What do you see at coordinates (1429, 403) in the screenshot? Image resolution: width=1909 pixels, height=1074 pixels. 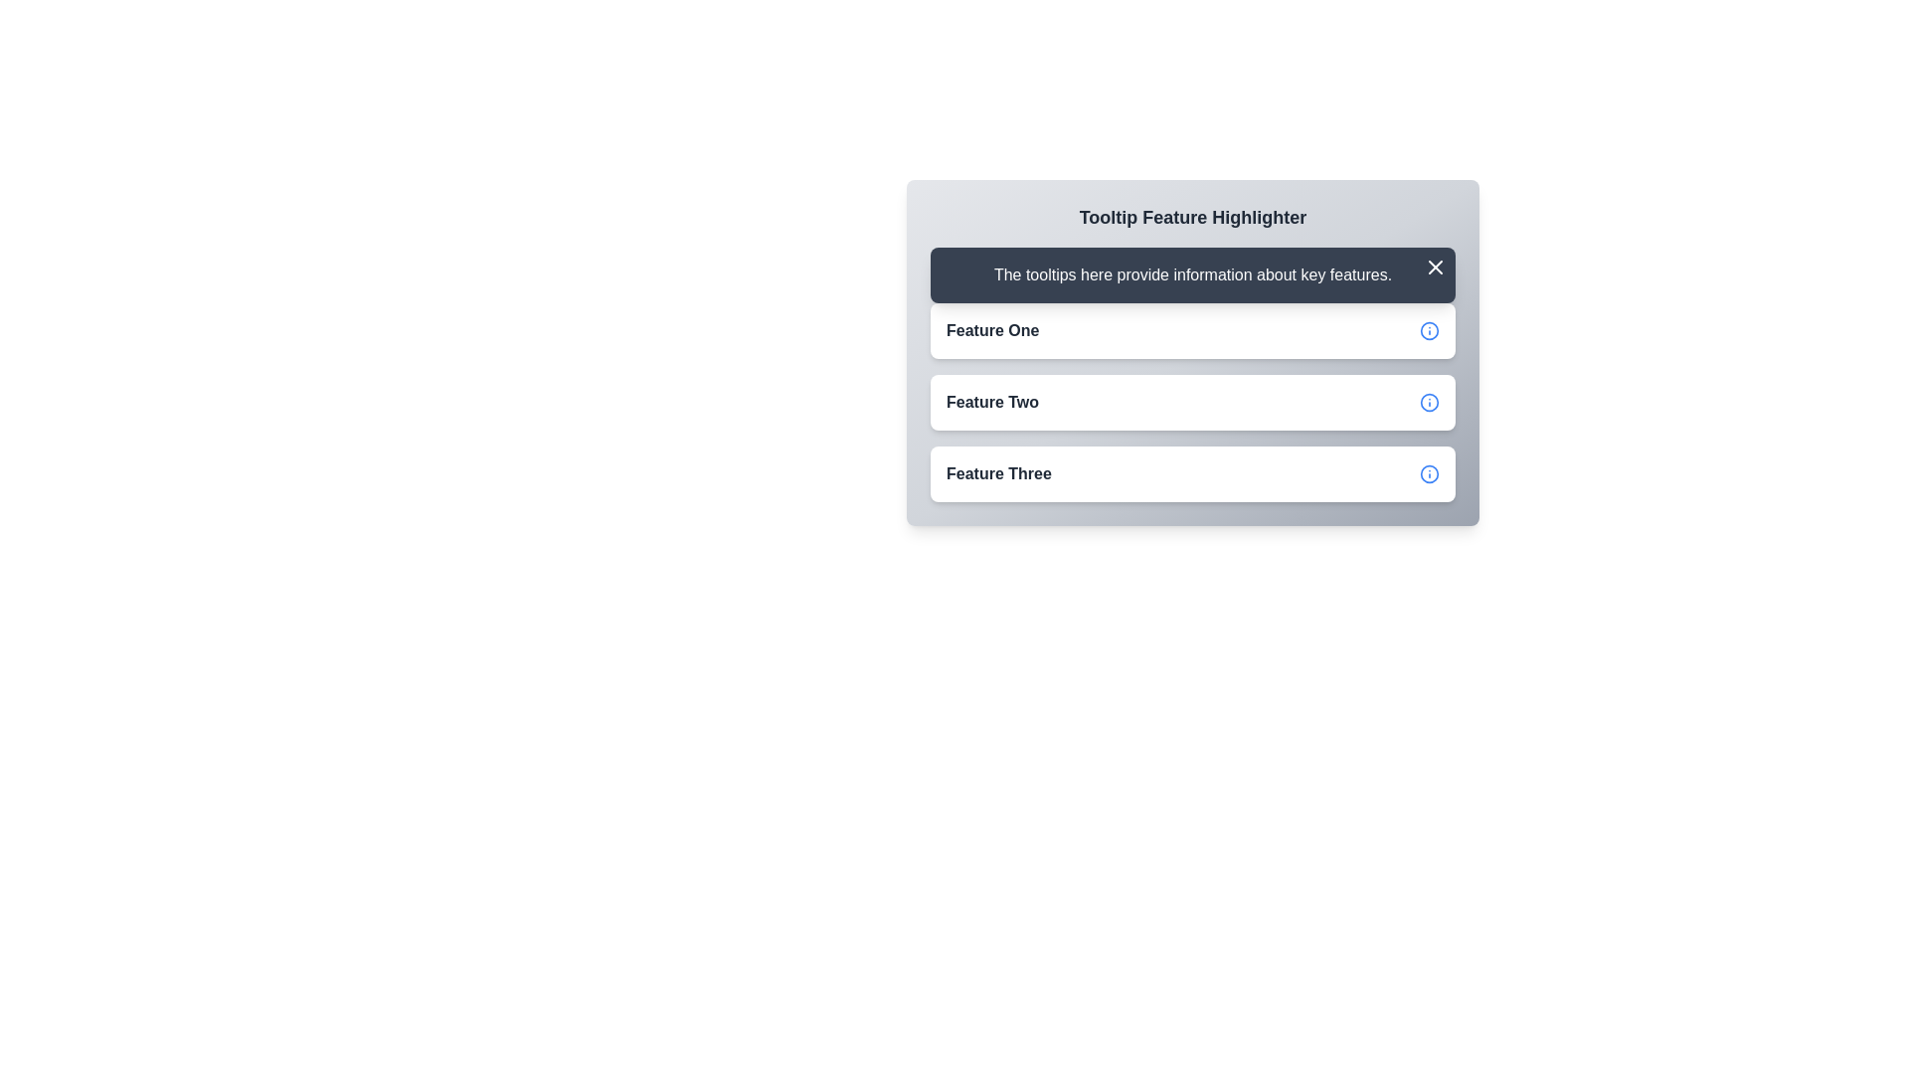 I see `the Informational icon located to the right of the 'Feature Two' label` at bounding box center [1429, 403].